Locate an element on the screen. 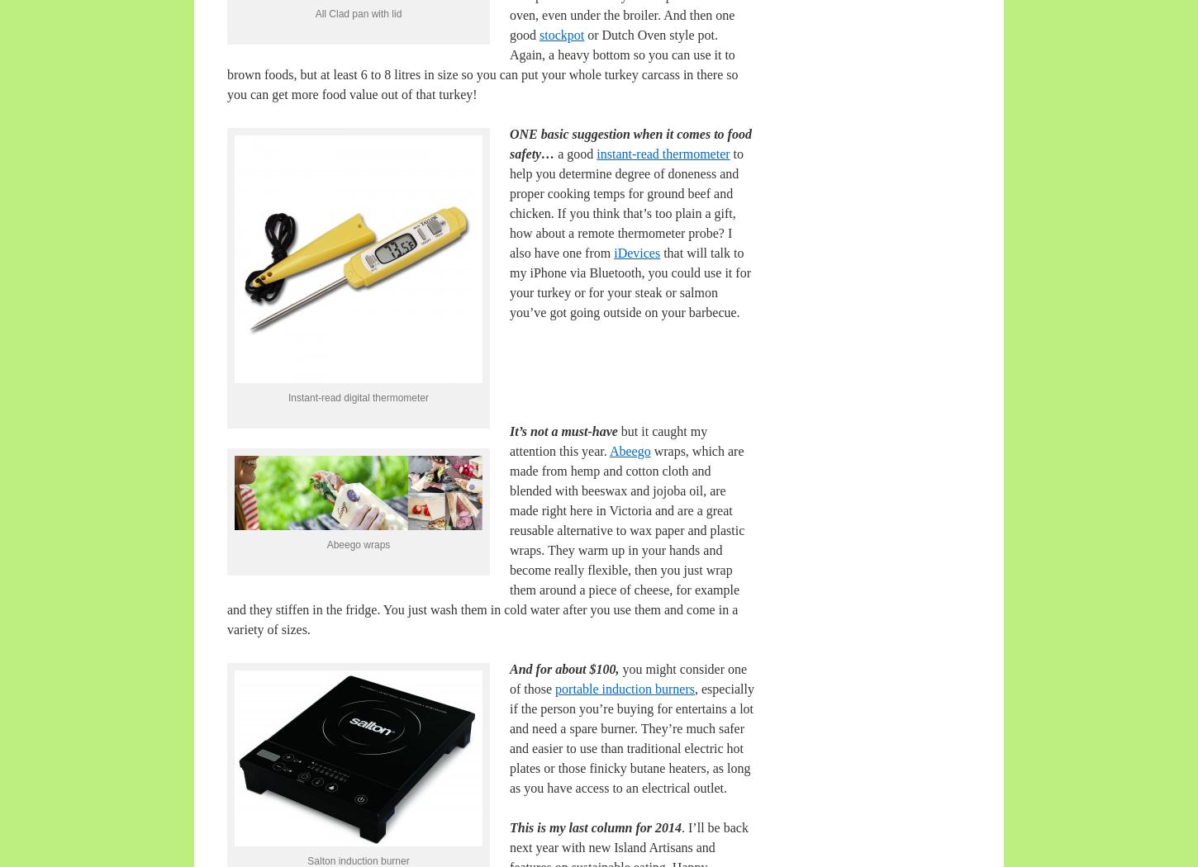 Image resolution: width=1198 pixels, height=867 pixels. 'And for about $100,' is located at coordinates (508, 668).